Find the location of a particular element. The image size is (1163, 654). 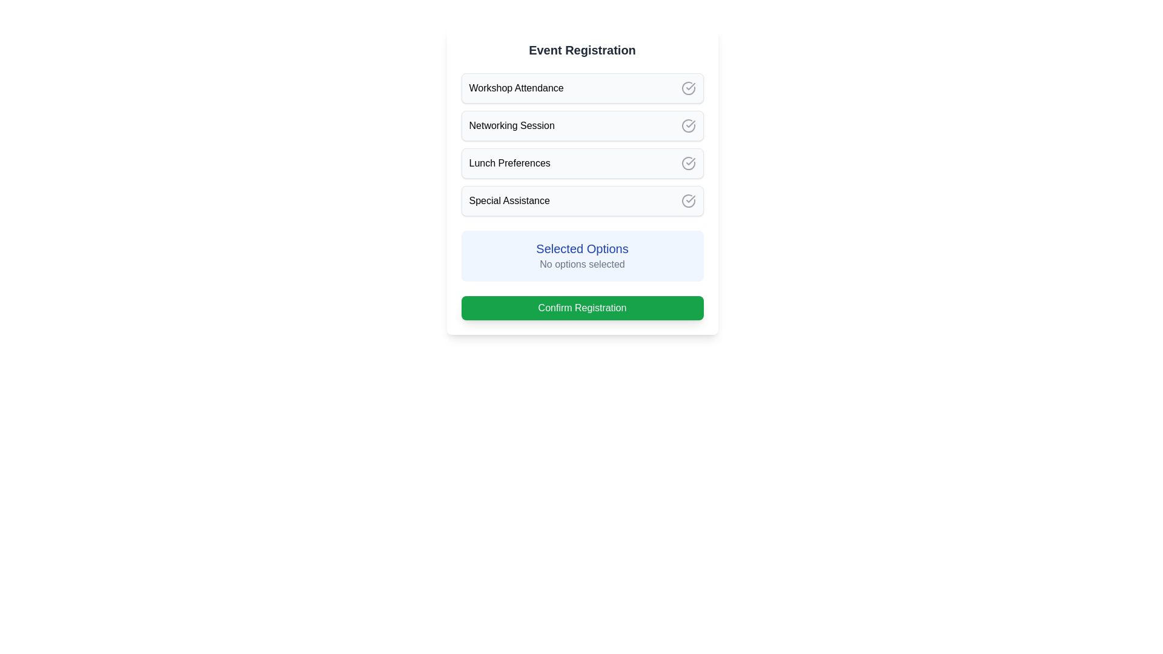

the 'Selected Options' Text Label, which displays the text in a medium, extra-large blue font within a rounded rectangular section with a light blue background is located at coordinates (582, 248).